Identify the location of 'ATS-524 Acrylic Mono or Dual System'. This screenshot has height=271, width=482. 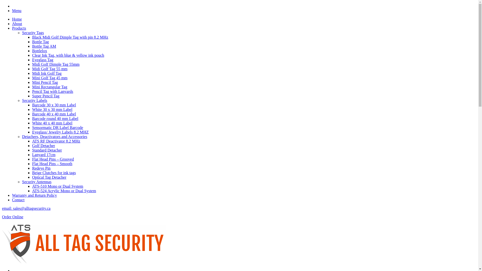
(64, 191).